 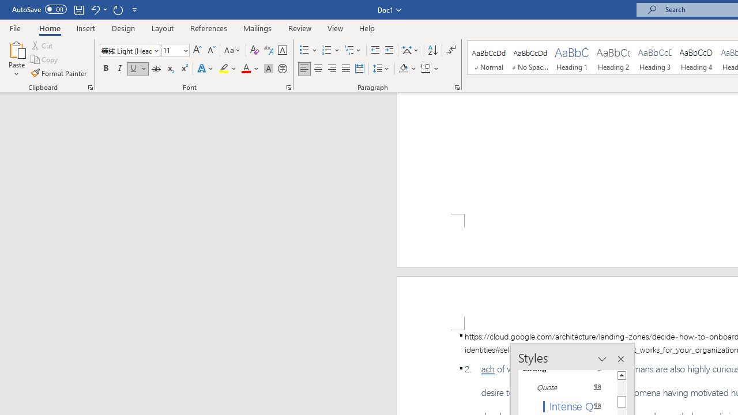 I want to click on 'Distributed', so click(x=359, y=69).